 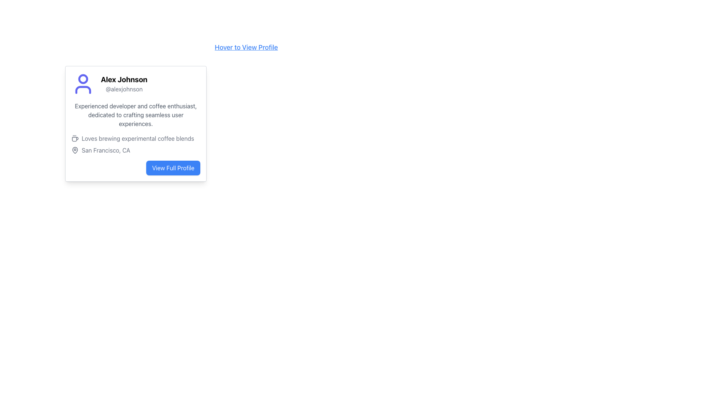 What do you see at coordinates (124, 80) in the screenshot?
I see `the user's name label, which prominently displays the identifier within the user’s profile section, located at the top of the profile card` at bounding box center [124, 80].